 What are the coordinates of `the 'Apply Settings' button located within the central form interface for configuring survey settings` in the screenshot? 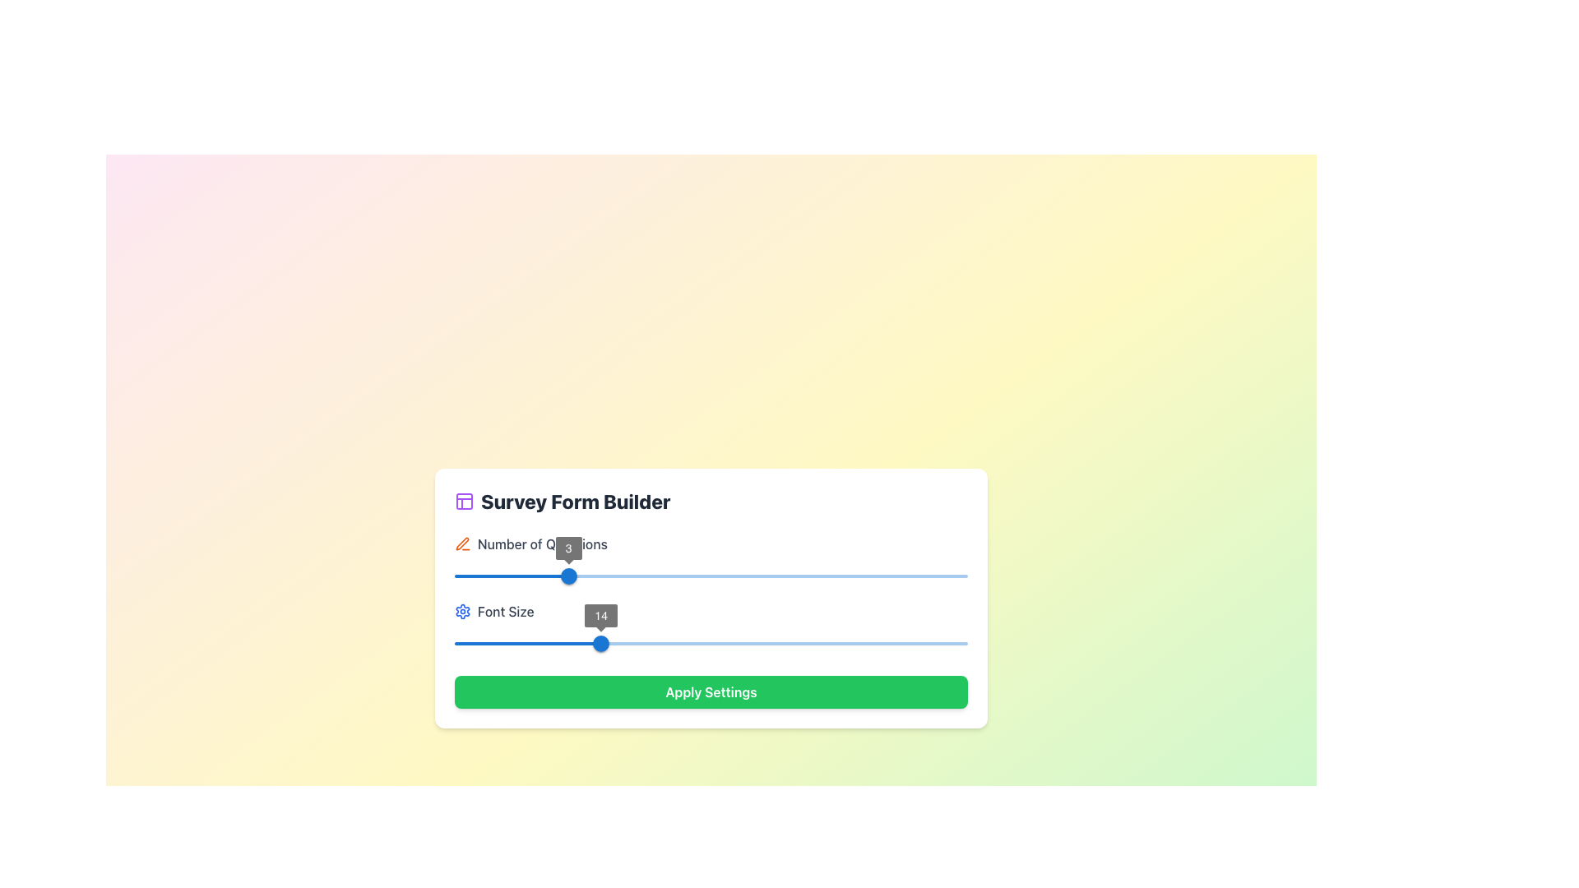 It's located at (711, 599).